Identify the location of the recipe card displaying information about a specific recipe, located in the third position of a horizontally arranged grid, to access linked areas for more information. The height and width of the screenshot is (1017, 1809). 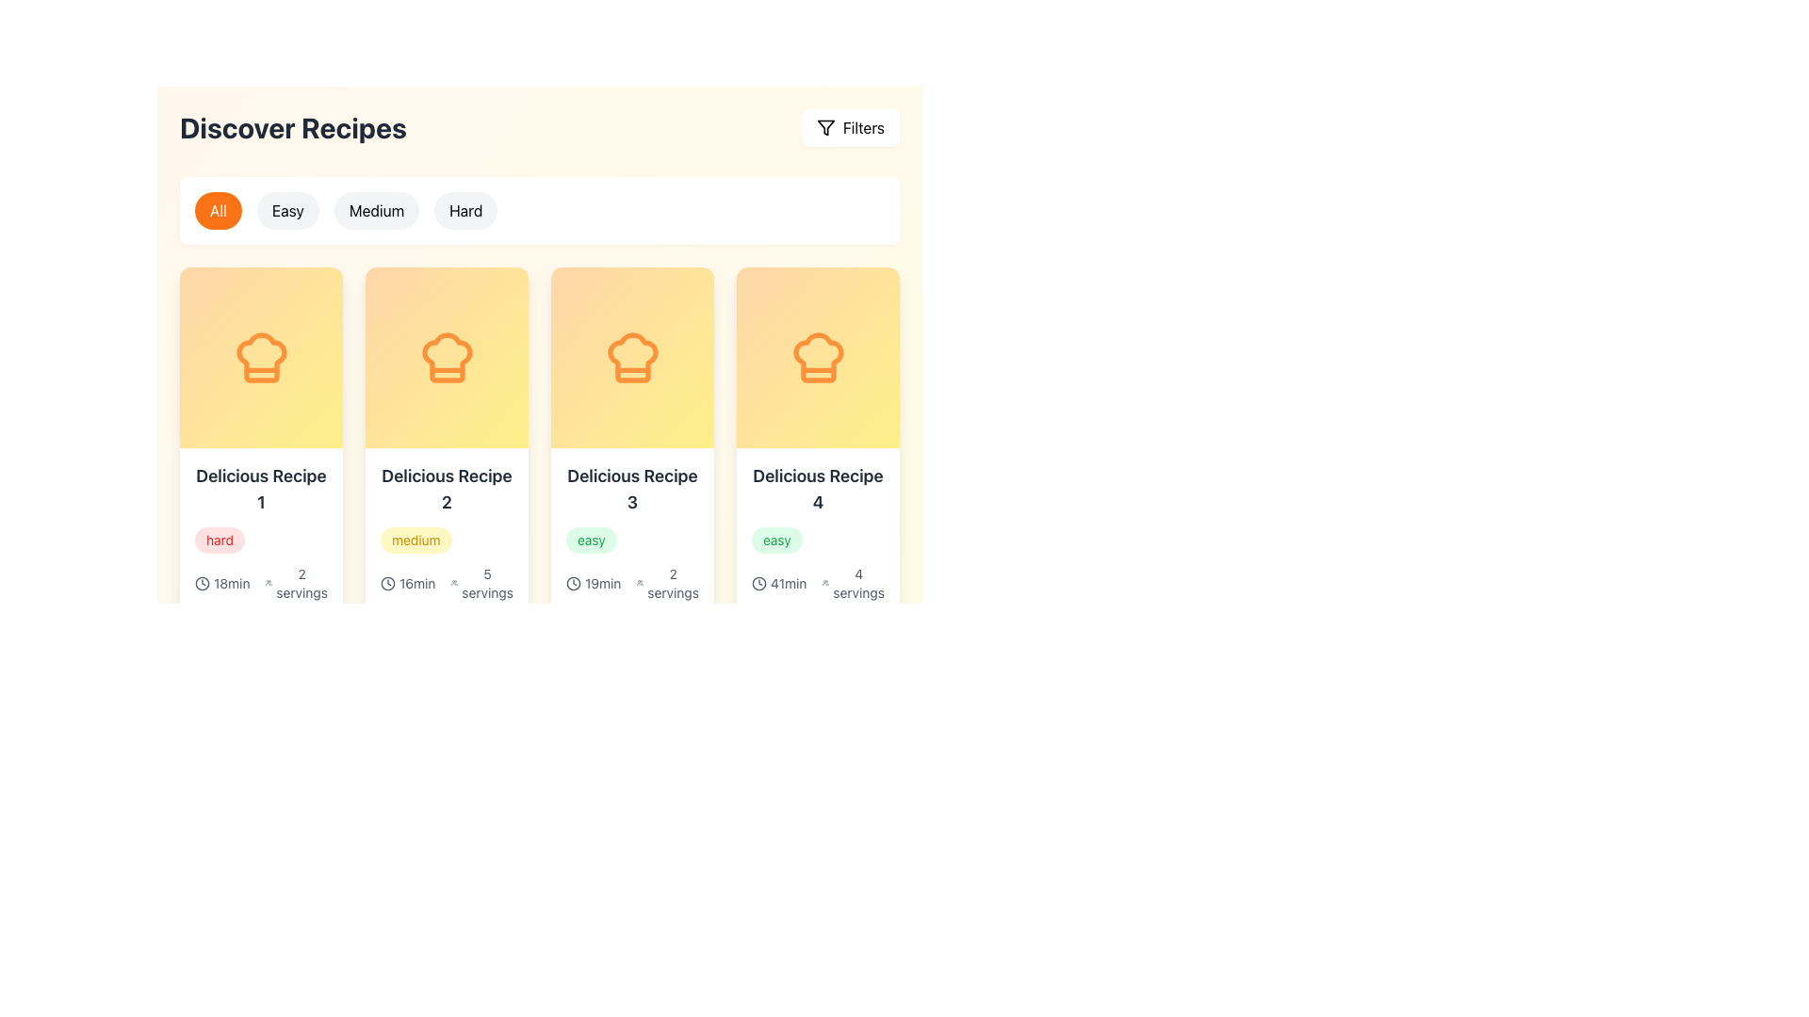
(632, 555).